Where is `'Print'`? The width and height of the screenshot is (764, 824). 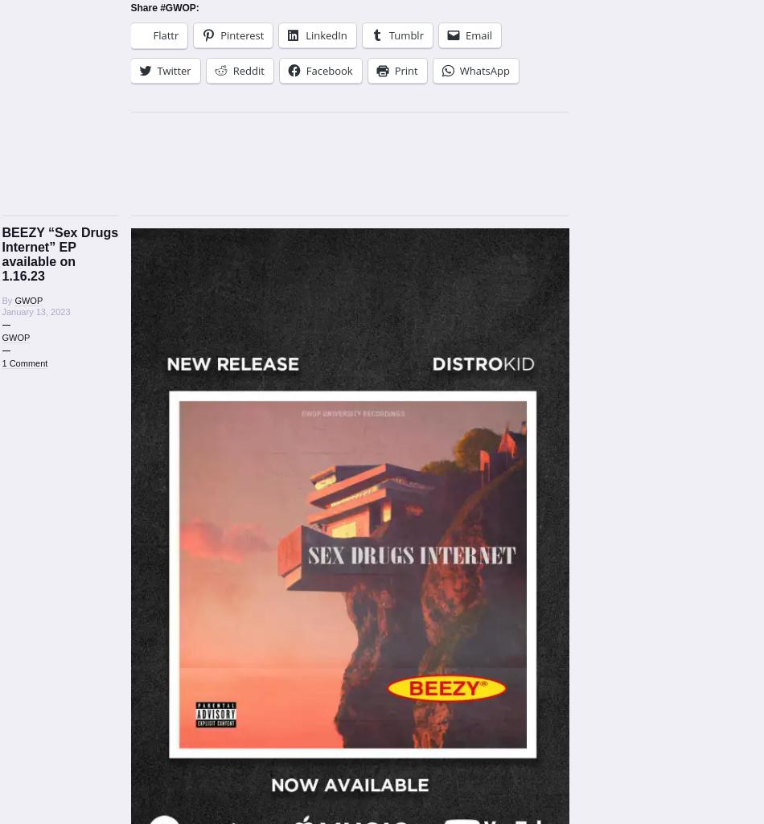 'Print' is located at coordinates (405, 70).